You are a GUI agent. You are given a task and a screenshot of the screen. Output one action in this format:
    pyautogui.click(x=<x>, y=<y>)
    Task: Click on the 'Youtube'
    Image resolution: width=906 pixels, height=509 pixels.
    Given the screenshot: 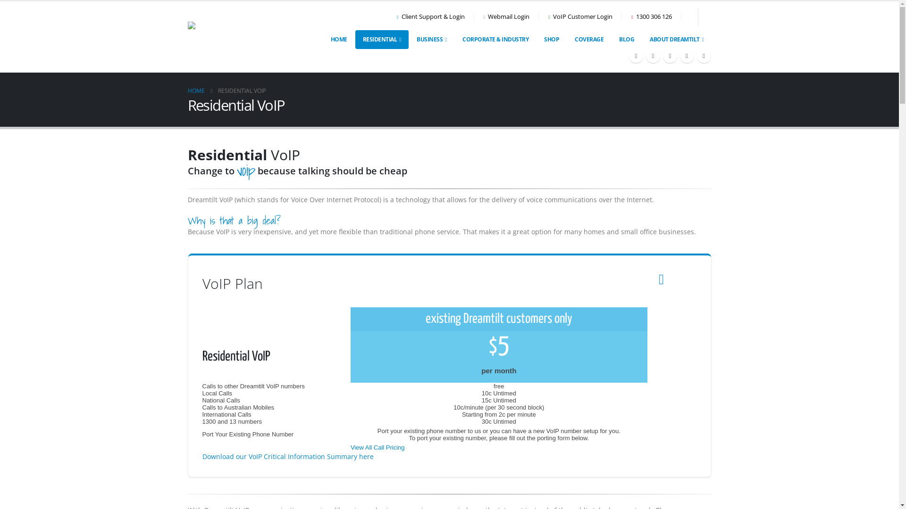 What is the action you would take?
    pyautogui.click(x=662, y=56)
    